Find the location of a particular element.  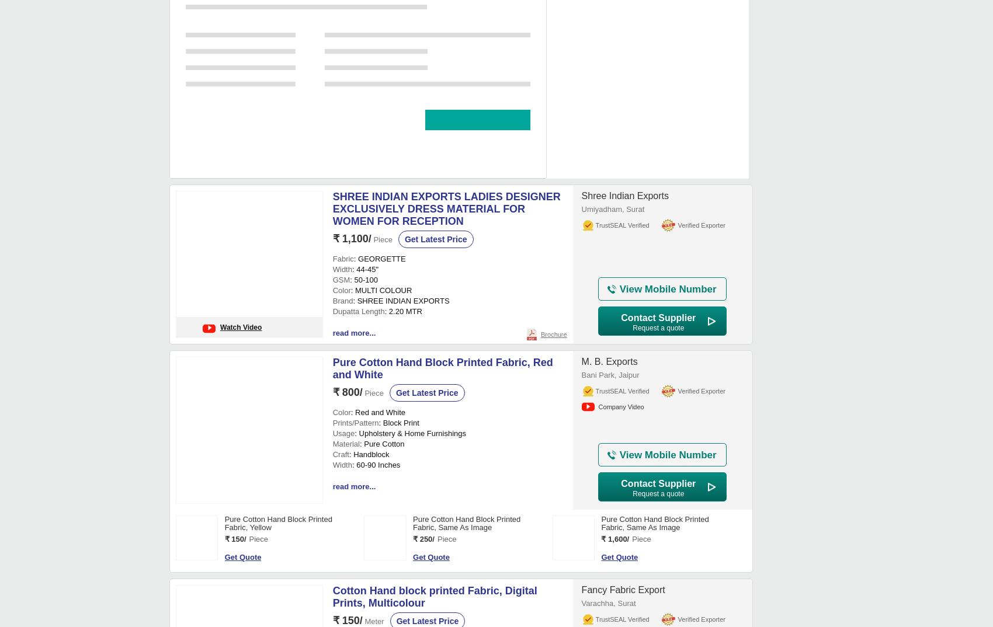

'₹ 800/' is located at coordinates (234, 306).